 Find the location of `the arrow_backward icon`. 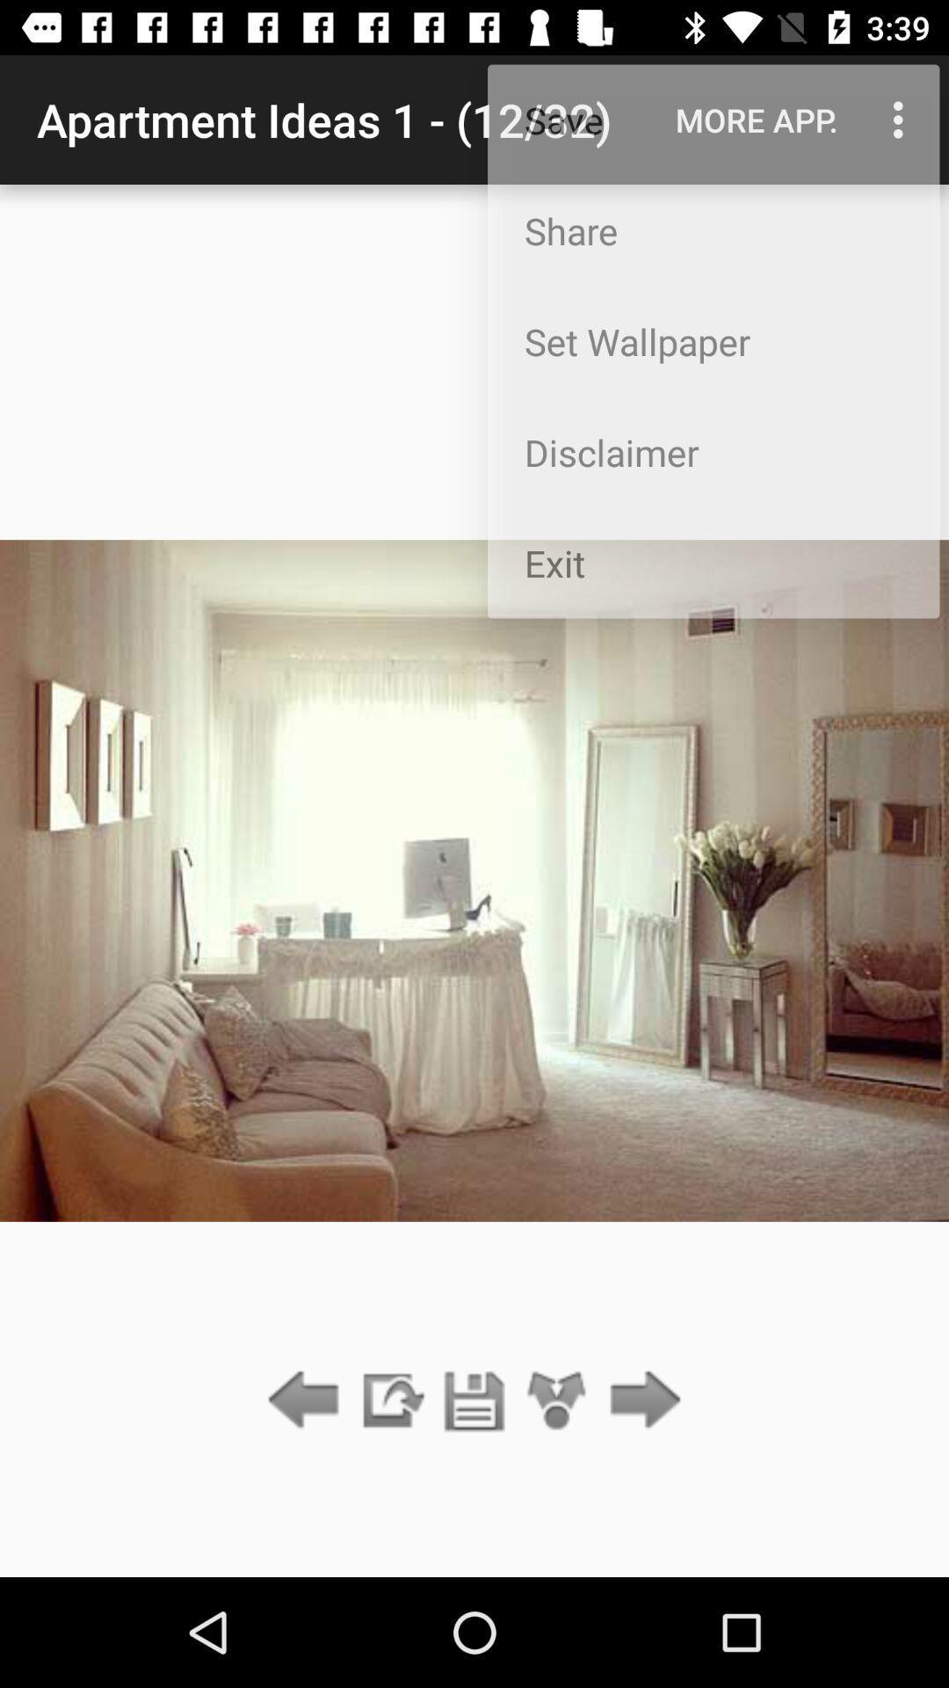

the arrow_backward icon is located at coordinates (308, 1401).